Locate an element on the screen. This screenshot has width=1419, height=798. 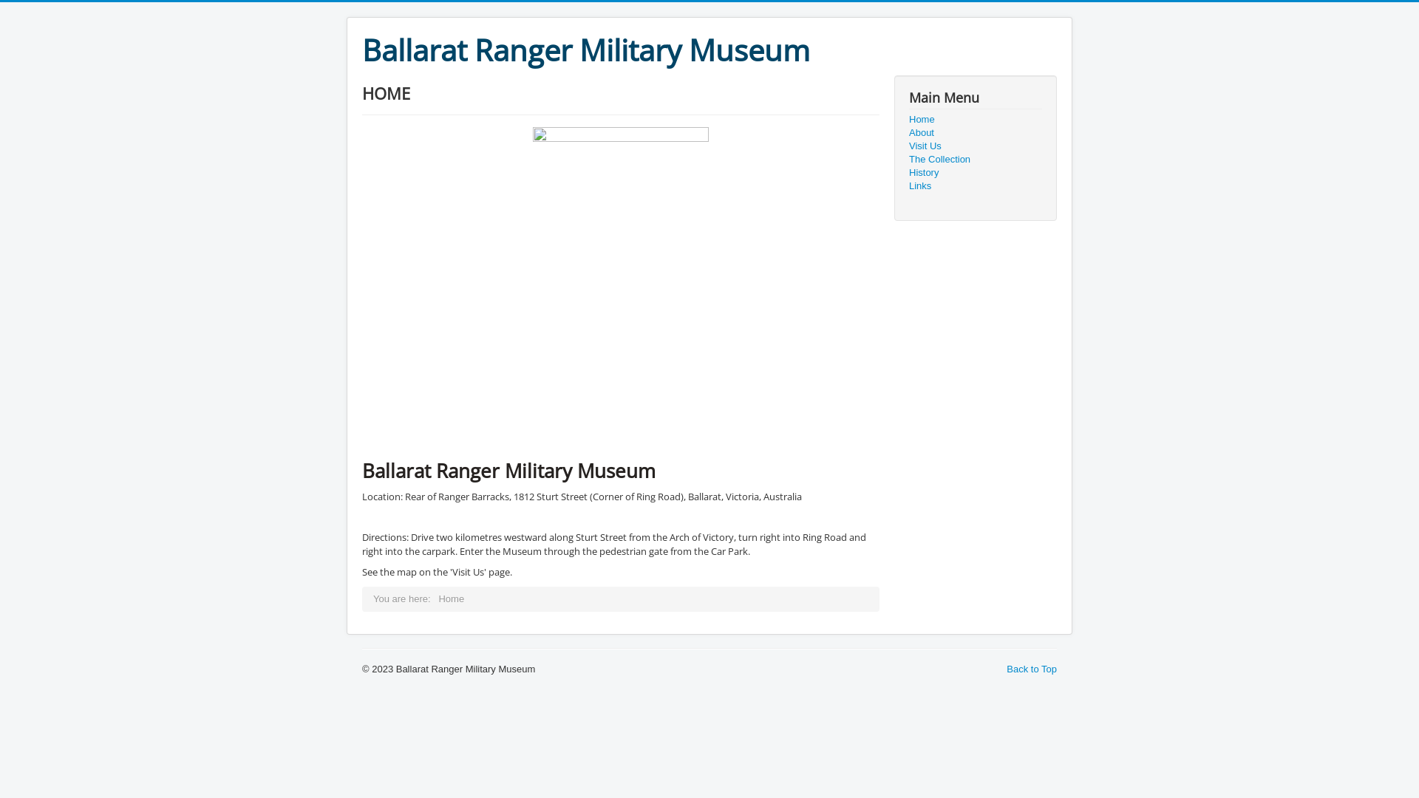
'The Collection' is located at coordinates (976, 160).